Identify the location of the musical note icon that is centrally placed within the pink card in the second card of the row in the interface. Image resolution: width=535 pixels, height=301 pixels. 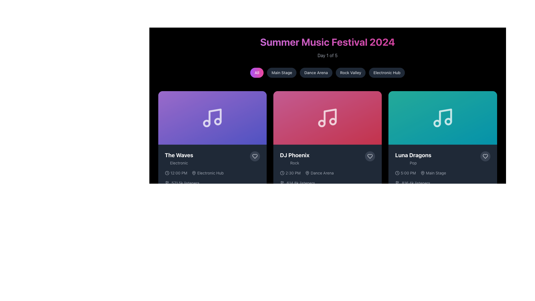
(330, 116).